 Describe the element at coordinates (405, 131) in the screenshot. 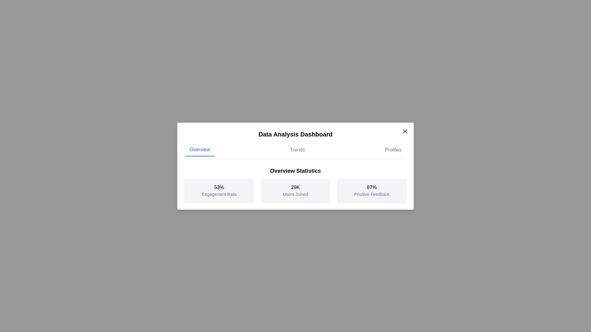

I see `the close icon represented by a diagonal line forming part of an 'X' shape in the top-right corner of the modal dialog` at that location.